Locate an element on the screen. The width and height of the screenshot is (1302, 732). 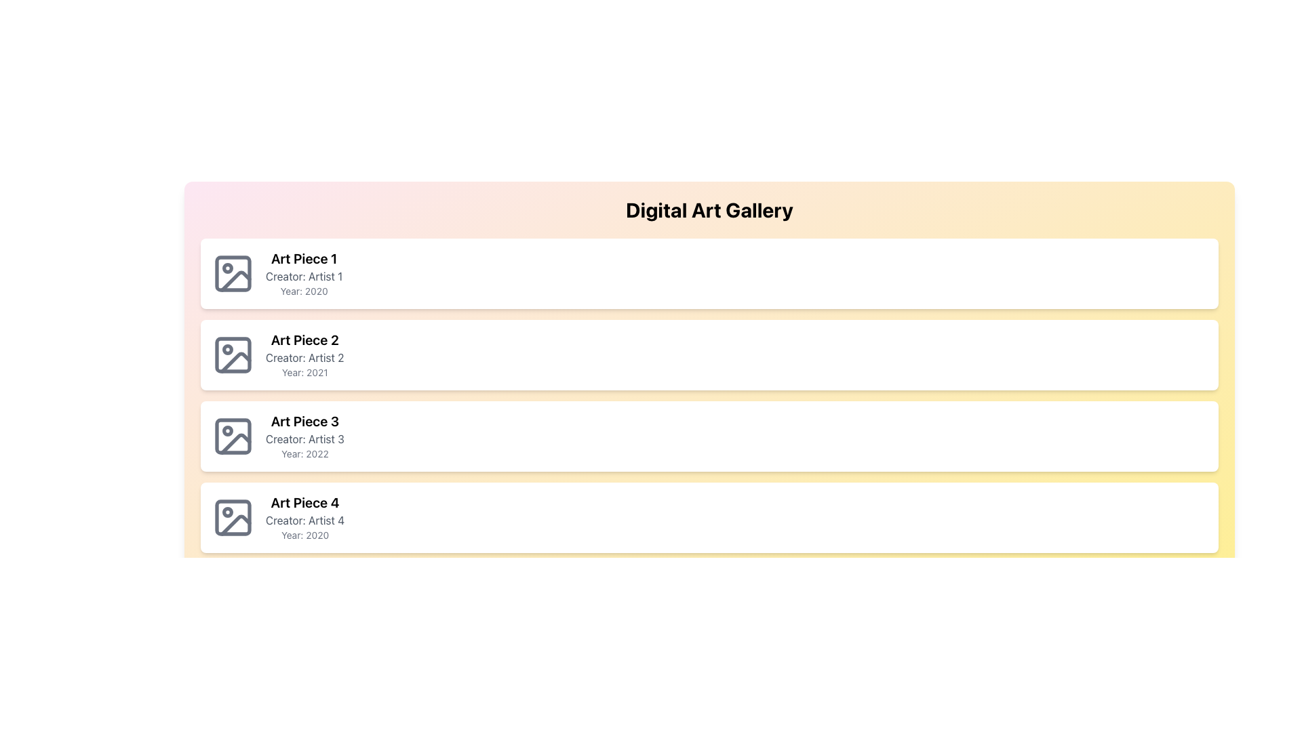
the subcomponent rectangle within the SVG structure representing a part of the photo icon for 'Art Piece 3' located in the third row of the list is located at coordinates (233, 436).